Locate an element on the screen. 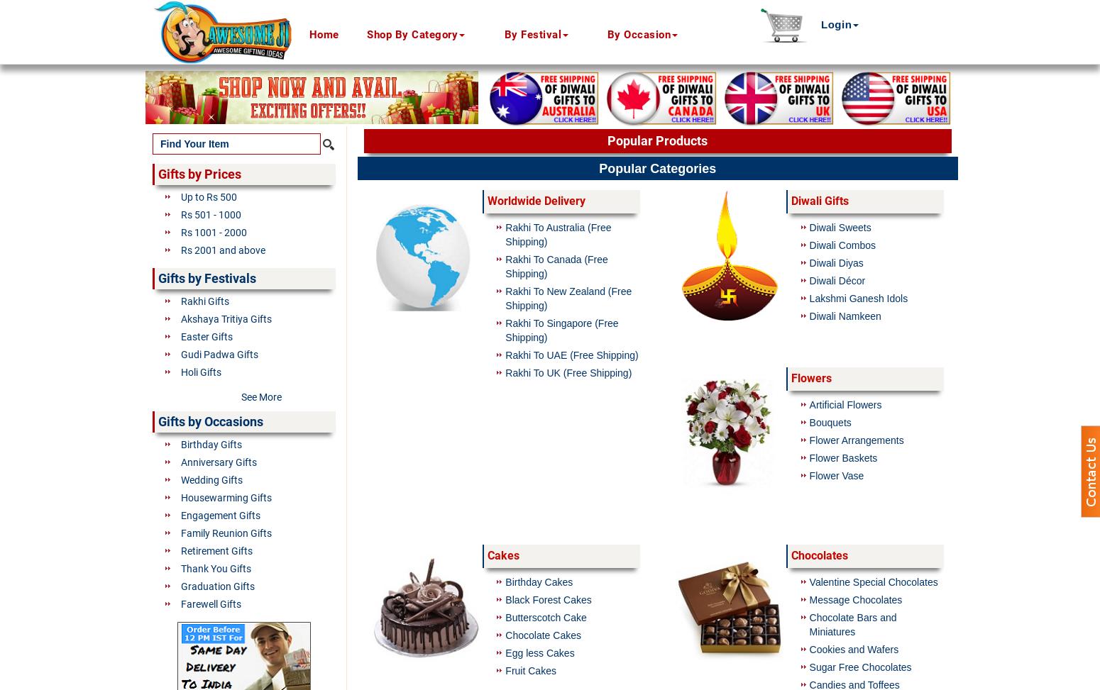 The width and height of the screenshot is (1100, 690). 'Sugar Free Chocolates' is located at coordinates (859, 666).